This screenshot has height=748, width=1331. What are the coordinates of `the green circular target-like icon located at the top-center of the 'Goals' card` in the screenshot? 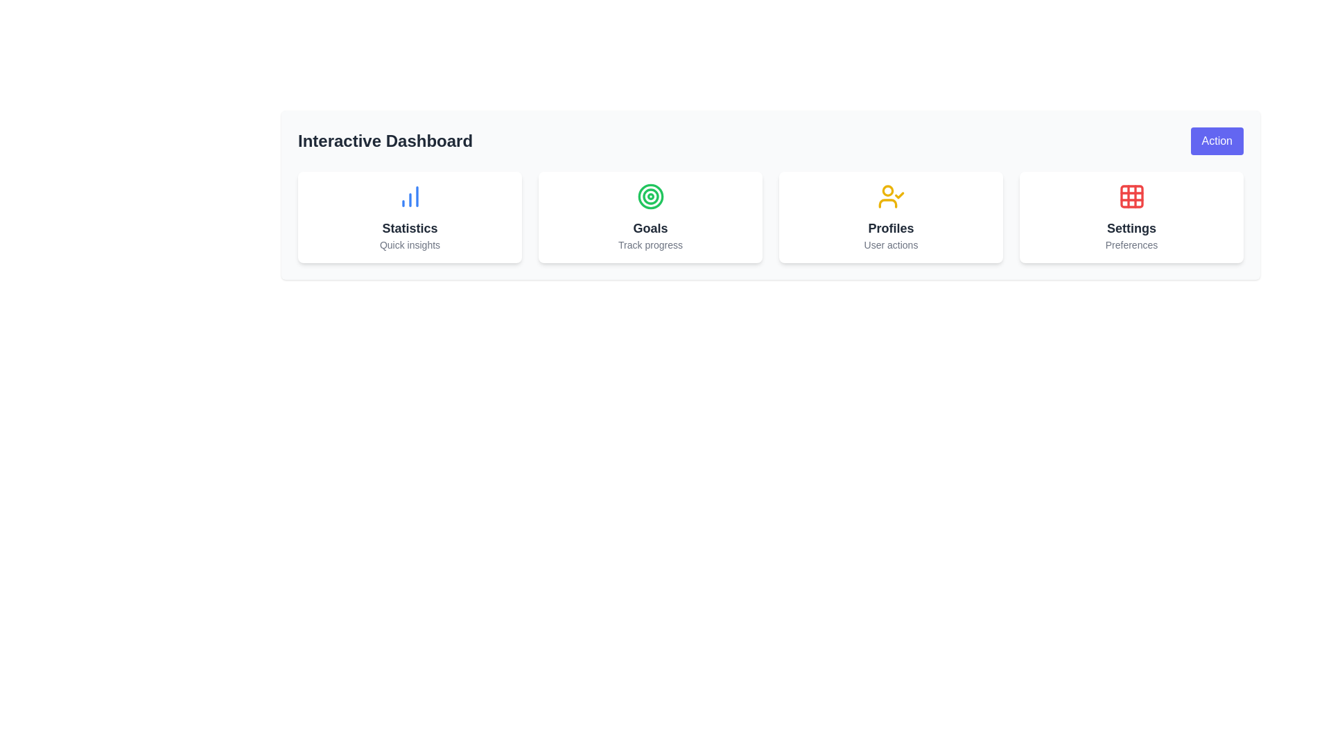 It's located at (650, 197).